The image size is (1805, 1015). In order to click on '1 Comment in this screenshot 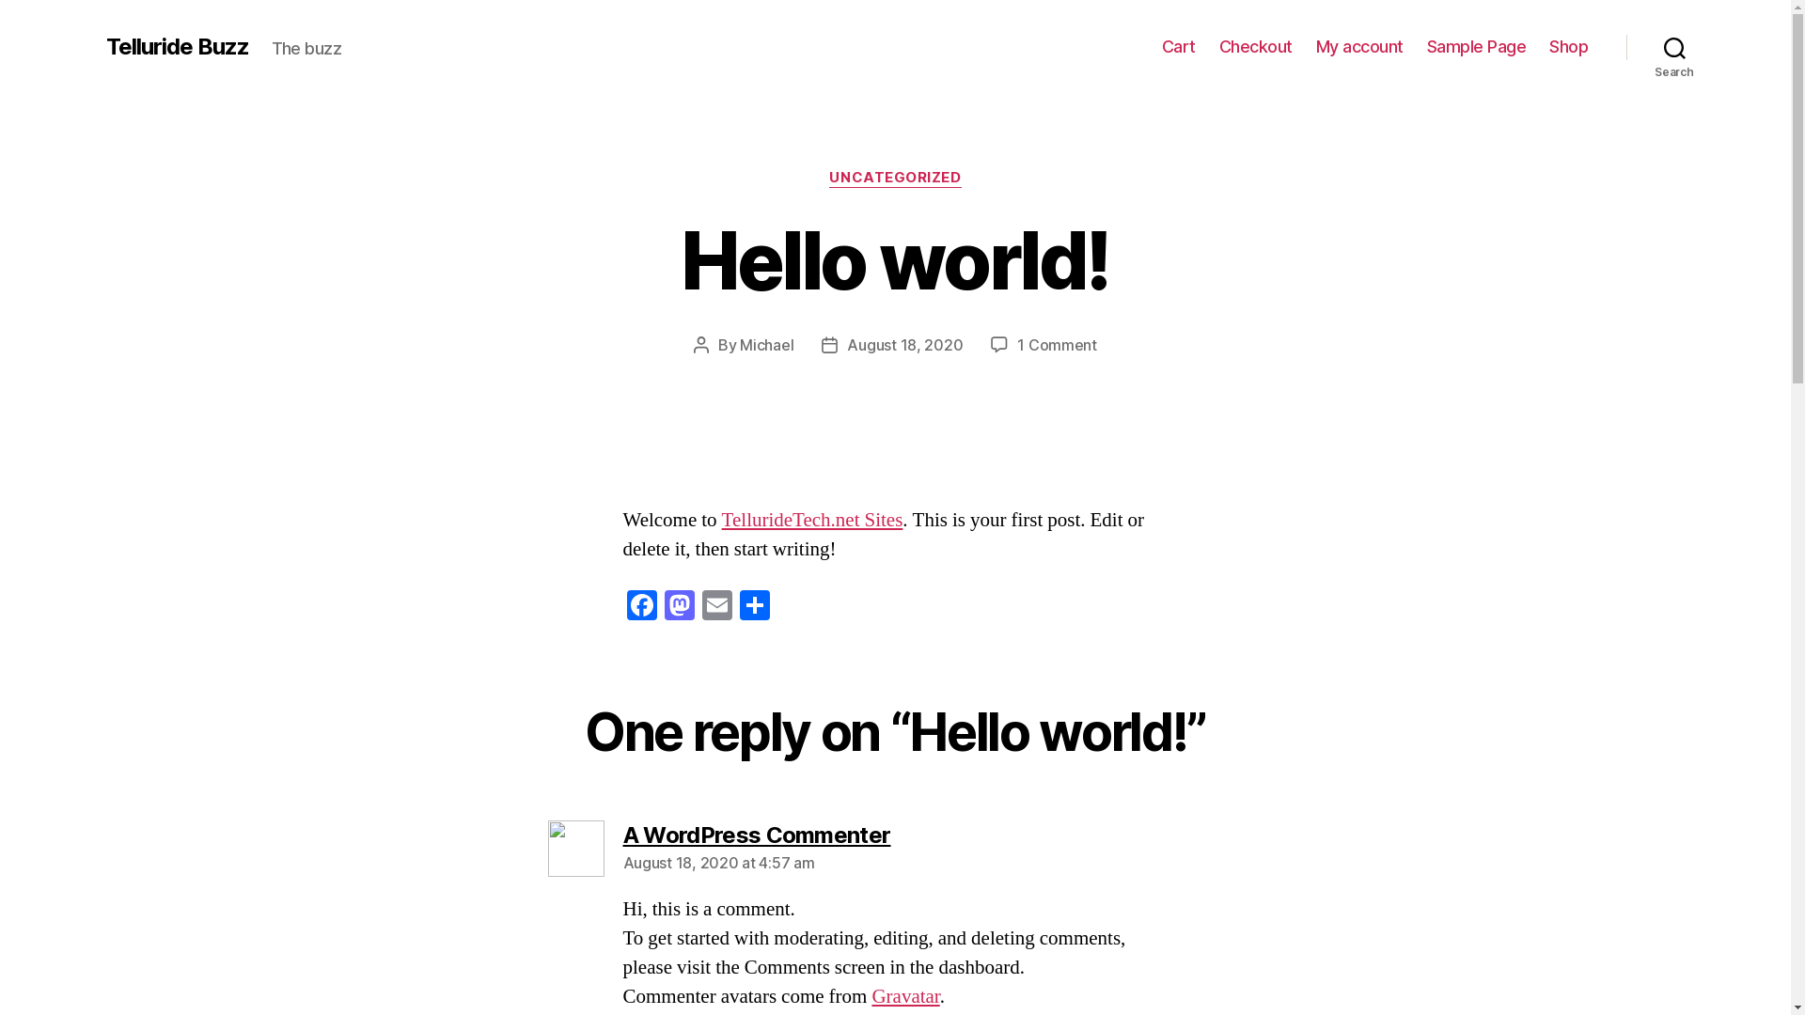, I will do `click(1015, 344)`.